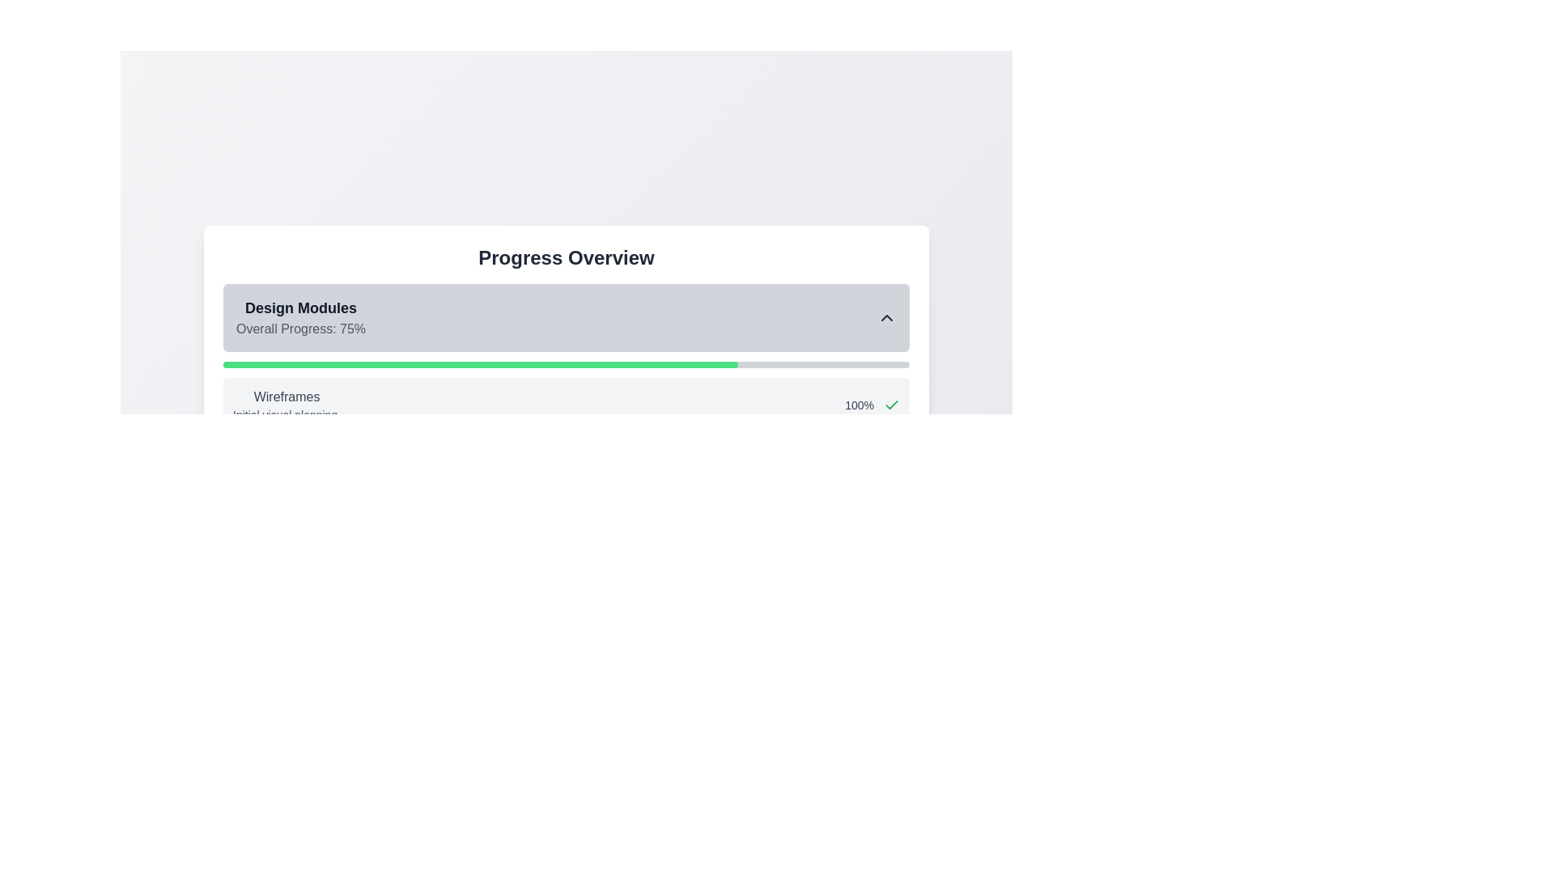  I want to click on the text label reading 'Initial visual planning.' which is styled in gray and positioned beneath the 'Wireframes' label in the 'Progress Overview' card, so click(287, 414).